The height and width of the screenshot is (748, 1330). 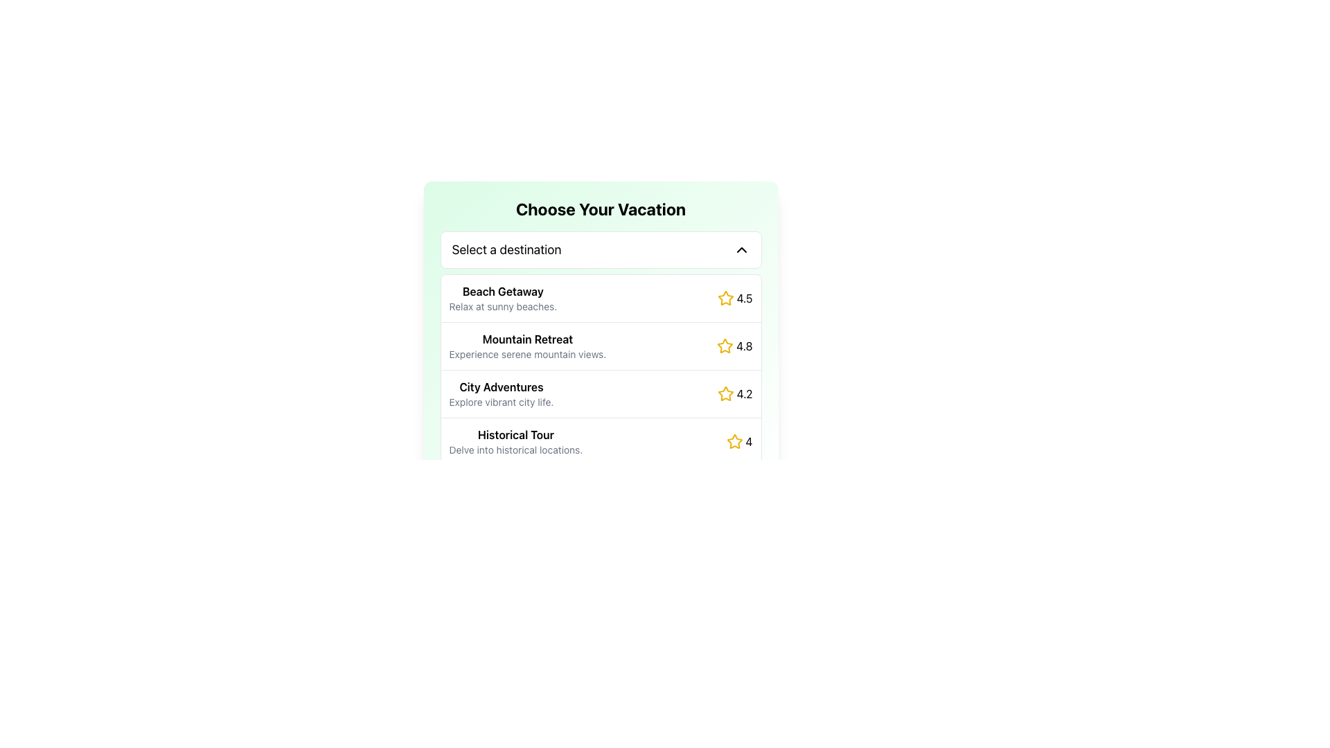 What do you see at coordinates (502, 290) in the screenshot?
I see `the text label 'Beach Getaway'` at bounding box center [502, 290].